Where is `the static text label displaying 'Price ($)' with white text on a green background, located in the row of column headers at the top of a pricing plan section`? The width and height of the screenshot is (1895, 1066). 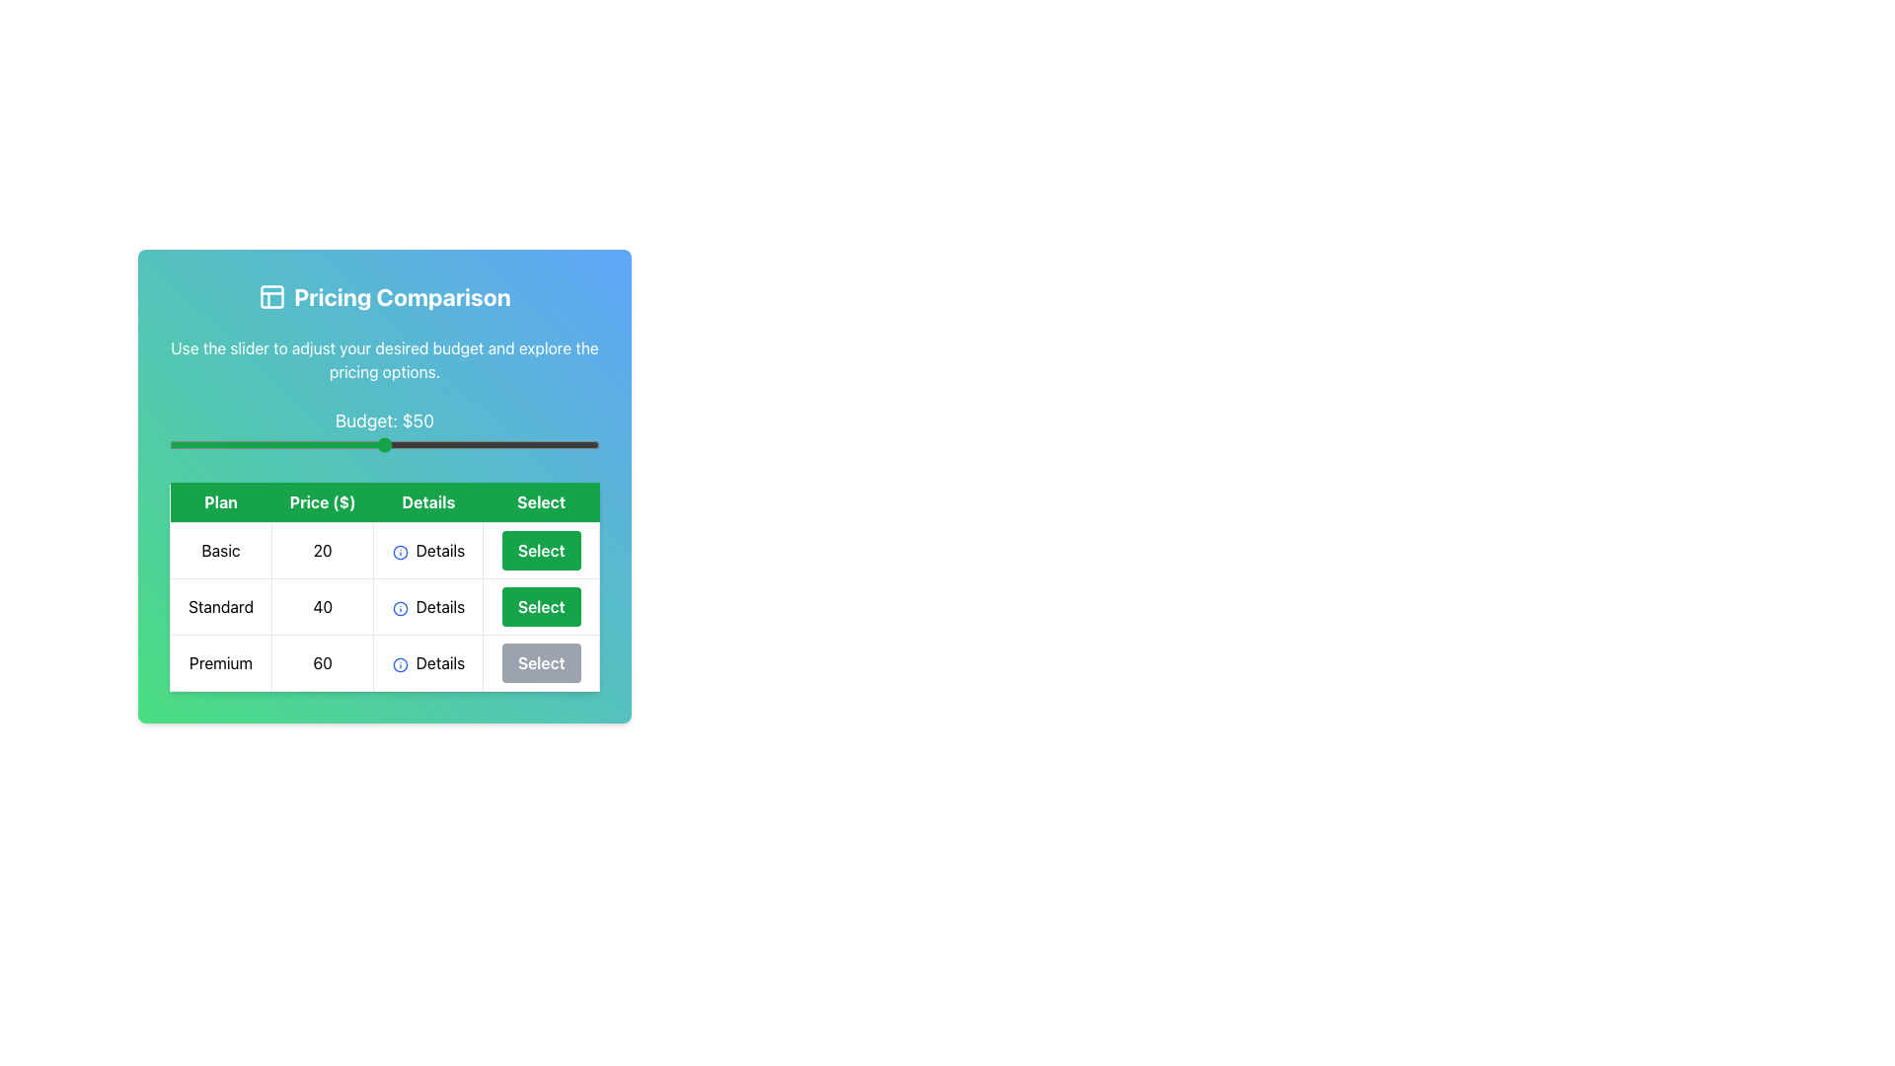 the static text label displaying 'Price ($)' with white text on a green background, located in the row of column headers at the top of a pricing plan section is located at coordinates (323, 501).